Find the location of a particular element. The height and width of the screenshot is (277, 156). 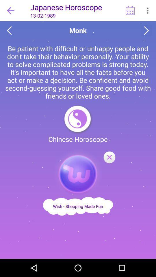

wish shopping made fun is located at coordinates (78, 206).